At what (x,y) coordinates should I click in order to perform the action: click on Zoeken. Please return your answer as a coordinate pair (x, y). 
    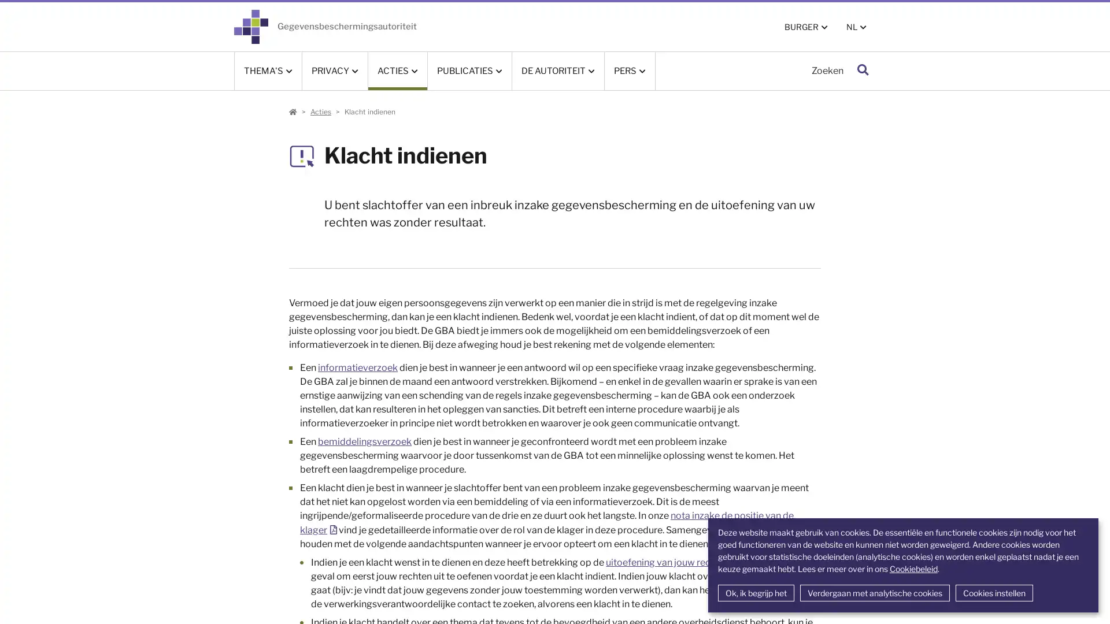
    Looking at the image, I should click on (863, 70).